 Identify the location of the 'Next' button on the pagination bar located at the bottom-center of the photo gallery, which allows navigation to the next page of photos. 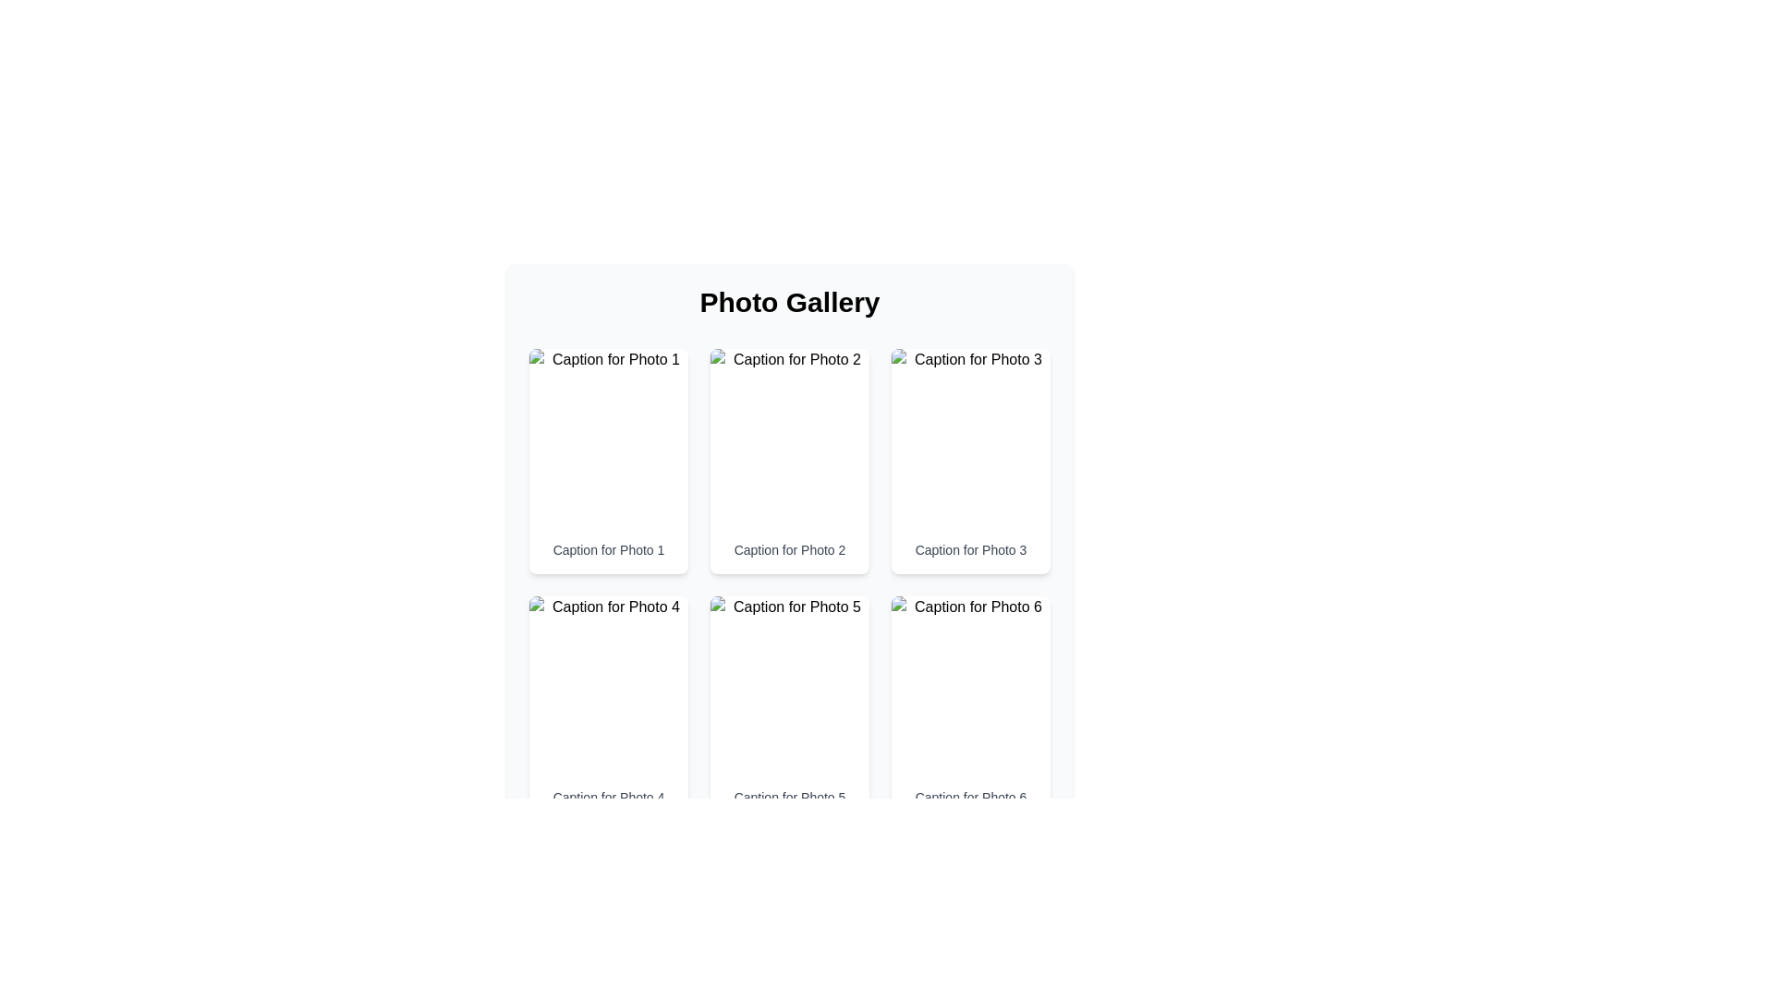
(789, 869).